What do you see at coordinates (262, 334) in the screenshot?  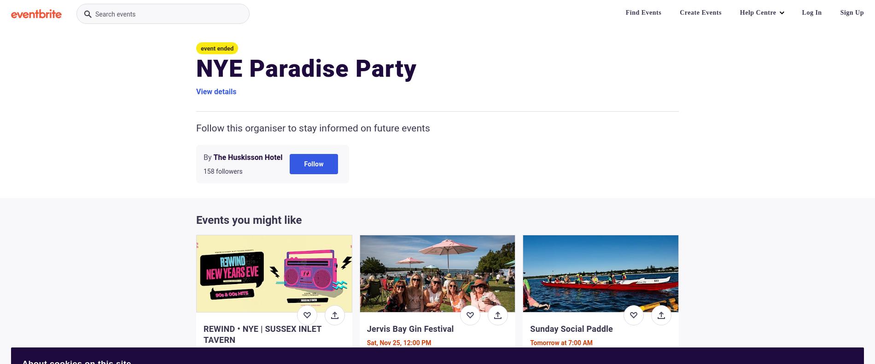 I see `'REWIND • NYE | SUSSEX INLET TAVERN'` at bounding box center [262, 334].